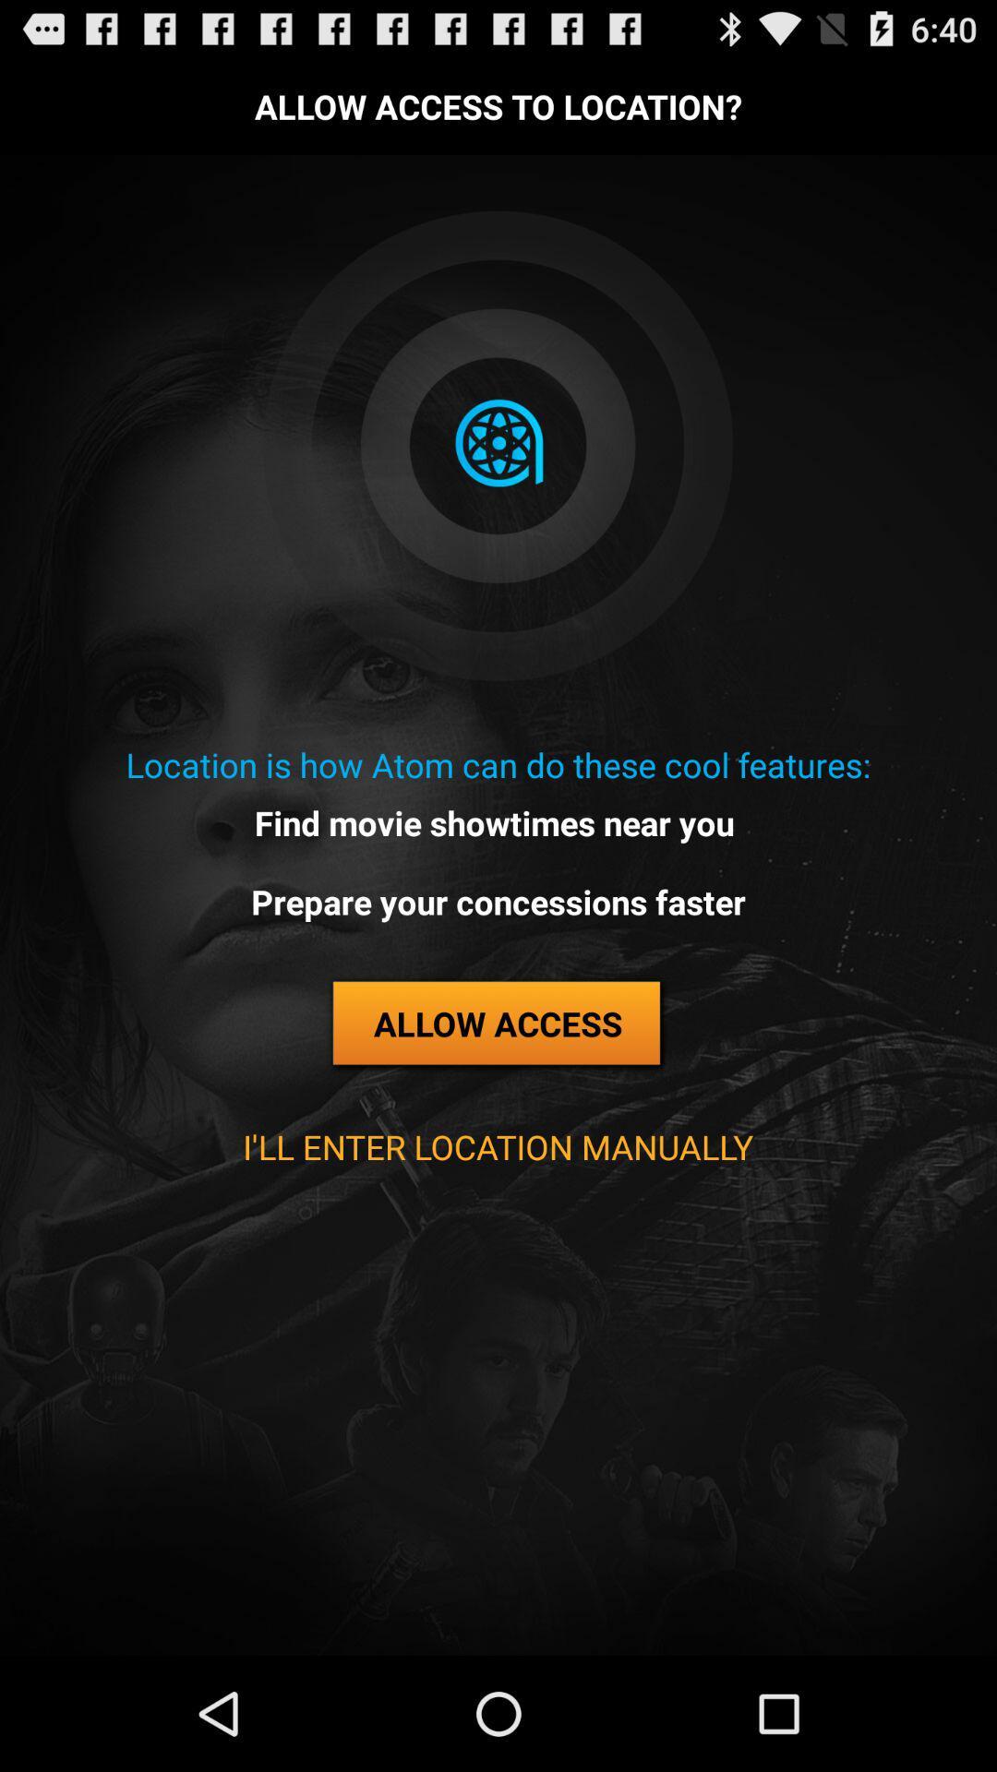 The width and height of the screenshot is (997, 1772). Describe the element at coordinates (497, 1145) in the screenshot. I see `button below the allow access` at that location.